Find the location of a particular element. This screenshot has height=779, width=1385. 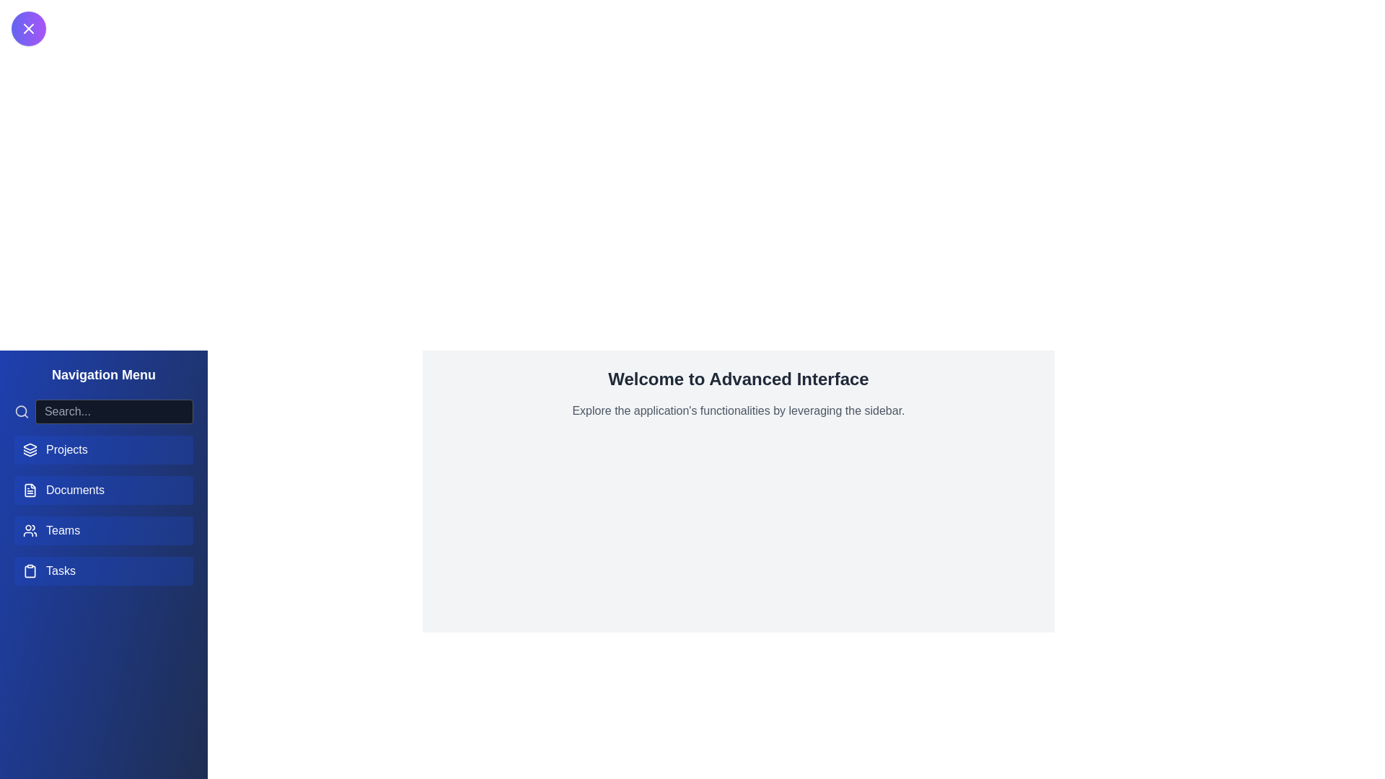

the navigation menu item Tasks is located at coordinates (103, 570).